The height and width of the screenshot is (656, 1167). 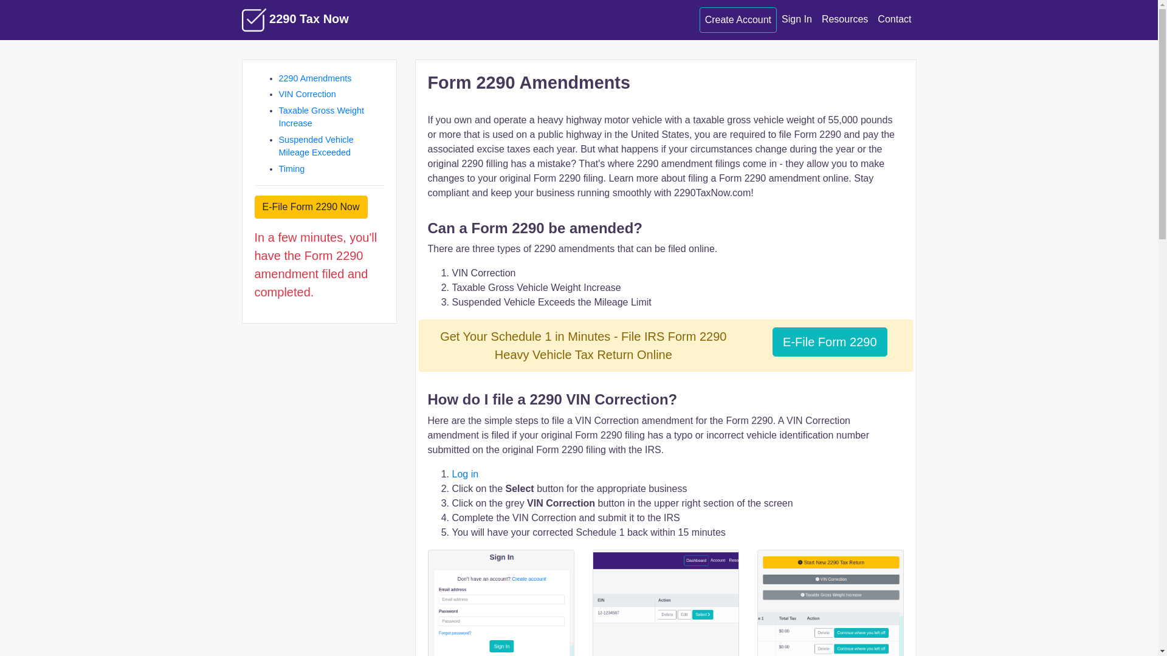 I want to click on 'Contact', so click(x=894, y=19).